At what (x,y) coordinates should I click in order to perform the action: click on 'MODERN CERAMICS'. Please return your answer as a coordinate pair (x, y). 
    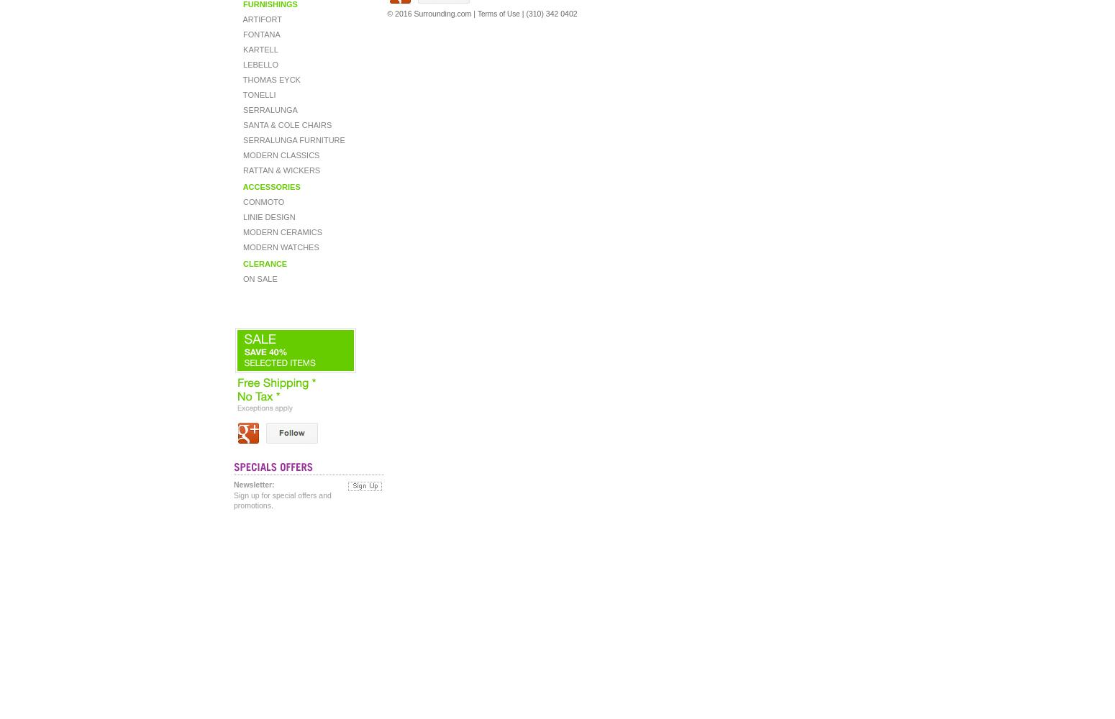
    Looking at the image, I should click on (240, 232).